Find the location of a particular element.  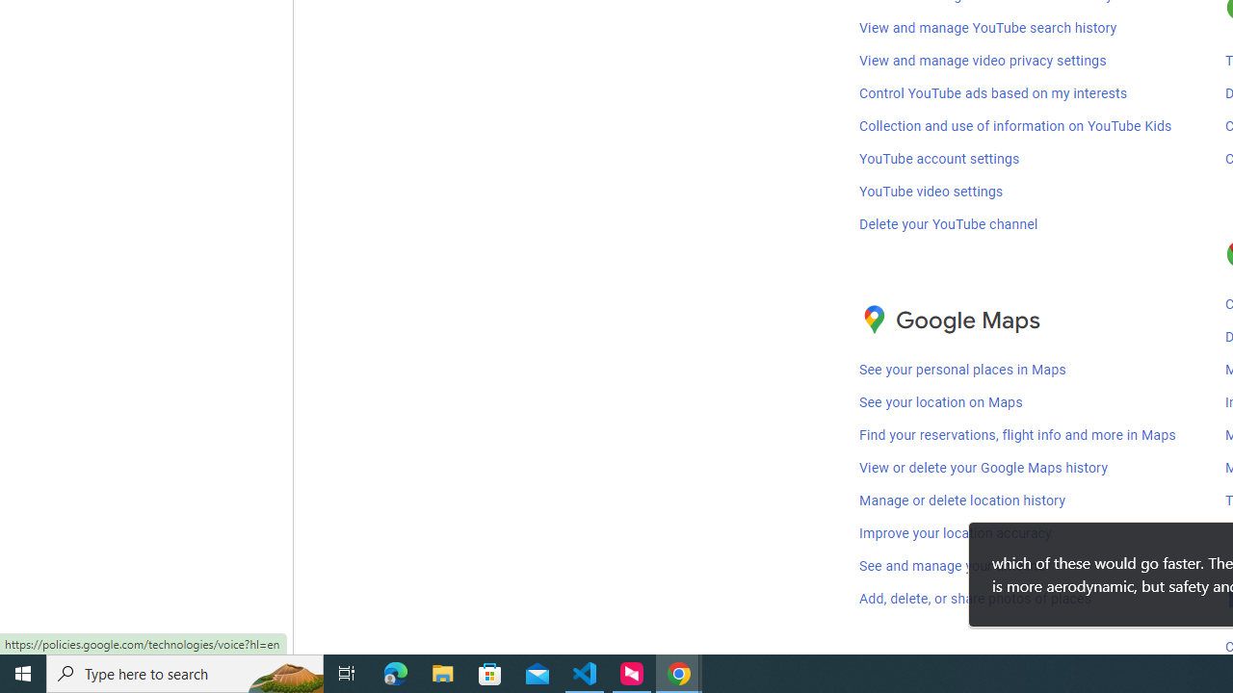

'Collection and use of information on YouTube Kids' is located at coordinates (1014, 125).